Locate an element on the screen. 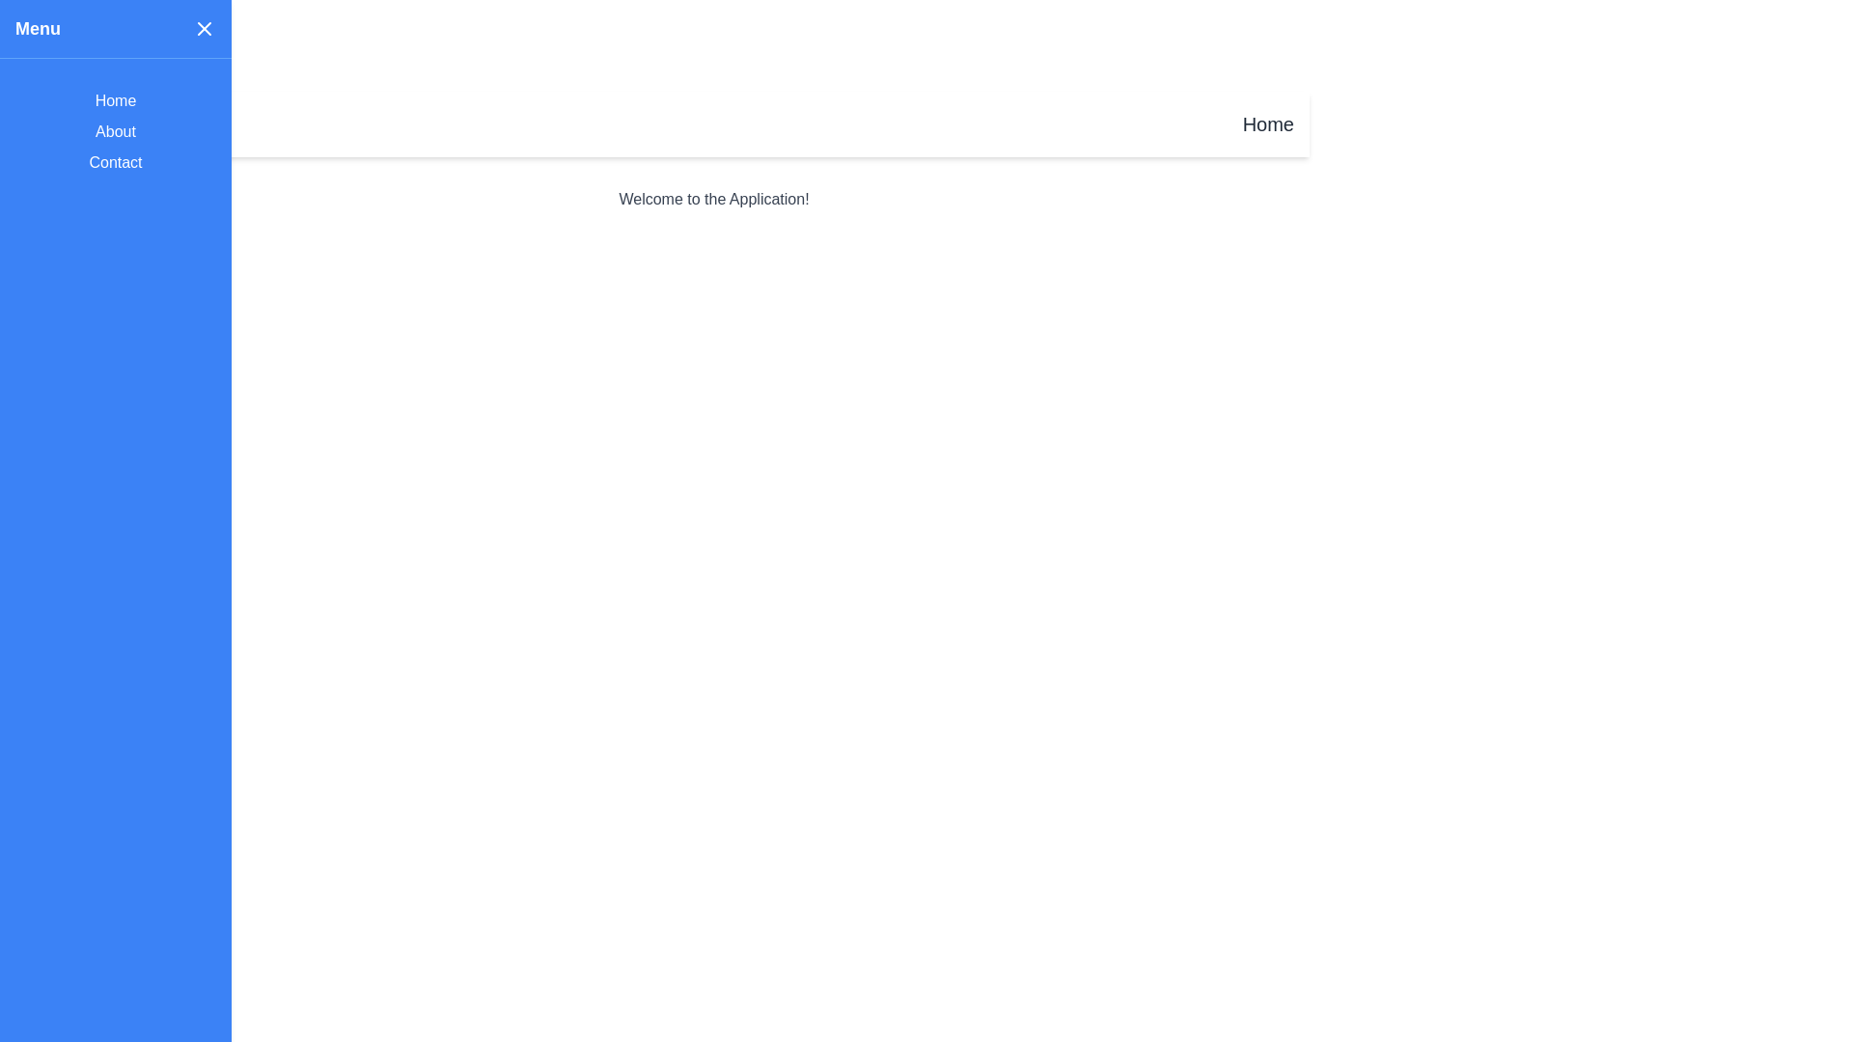 Image resolution: width=1853 pixels, height=1042 pixels. the small white 'X' icon button located at the top right corner of the blue header section labeled 'Menu' is located at coordinates (204, 29).